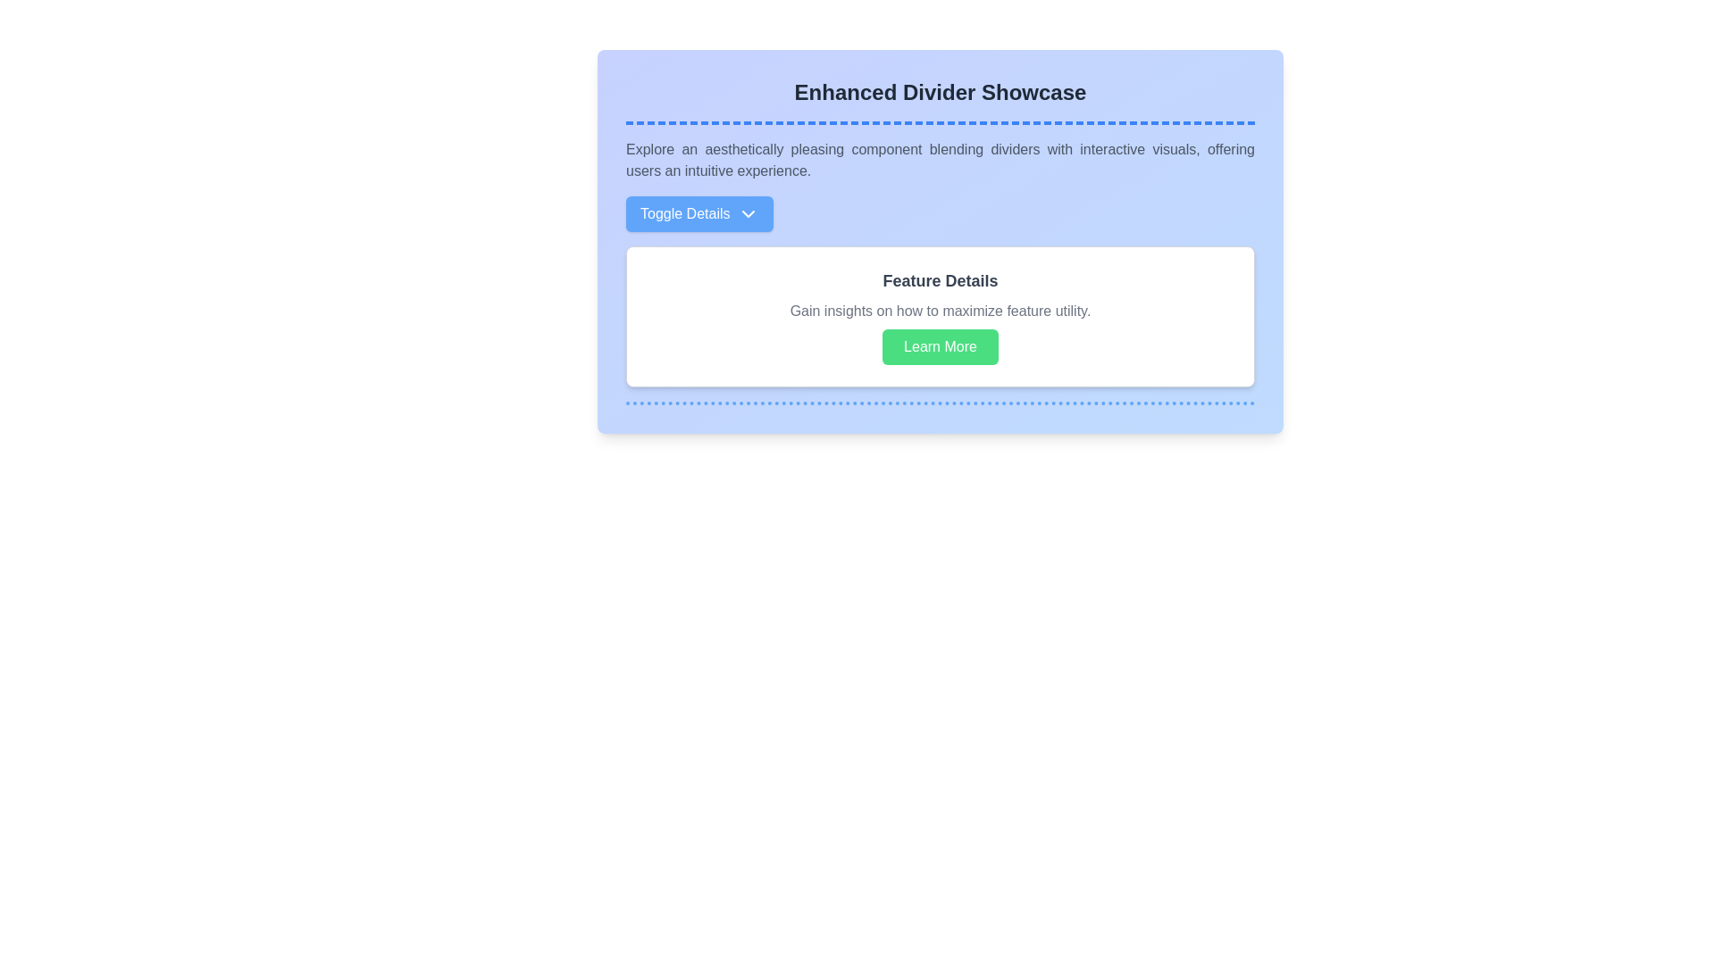 Image resolution: width=1715 pixels, height=964 pixels. I want to click on descriptive text block located below the dashed divider in a light blue section, which provides an overview of the component above and the interactive functionalities below, so click(939, 161).